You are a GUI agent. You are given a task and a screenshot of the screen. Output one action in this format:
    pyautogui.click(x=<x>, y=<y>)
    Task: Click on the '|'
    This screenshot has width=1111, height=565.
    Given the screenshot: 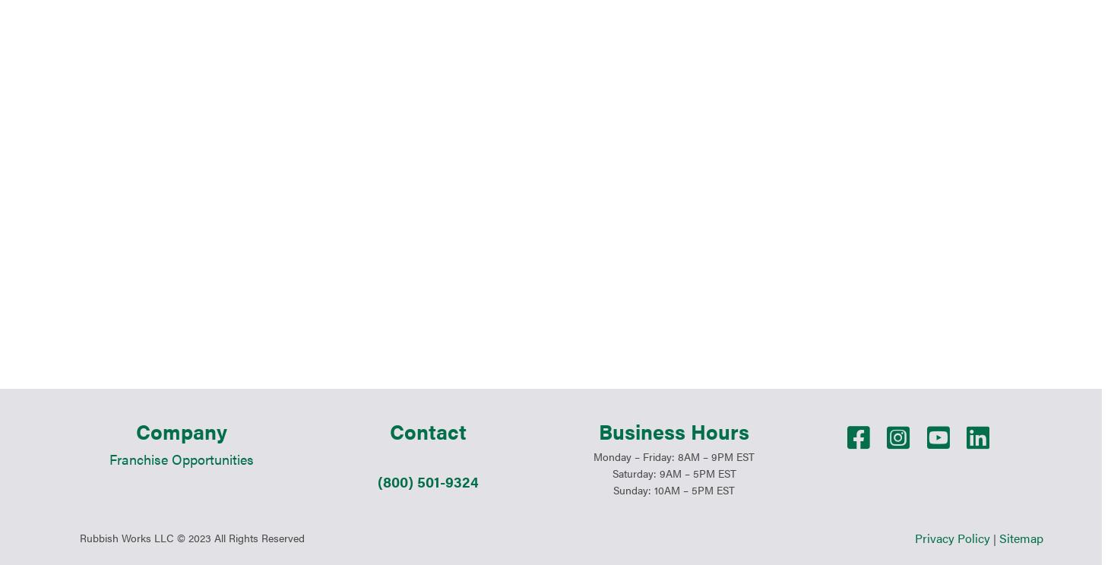 What is the action you would take?
    pyautogui.click(x=993, y=386)
    